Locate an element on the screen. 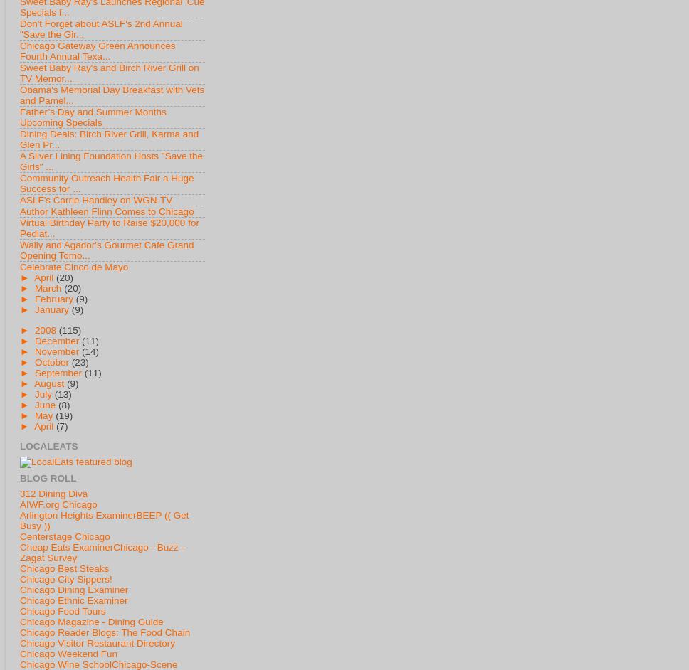 Image resolution: width=689 pixels, height=670 pixels. 'Chicago City Sippers!' is located at coordinates (65, 578).